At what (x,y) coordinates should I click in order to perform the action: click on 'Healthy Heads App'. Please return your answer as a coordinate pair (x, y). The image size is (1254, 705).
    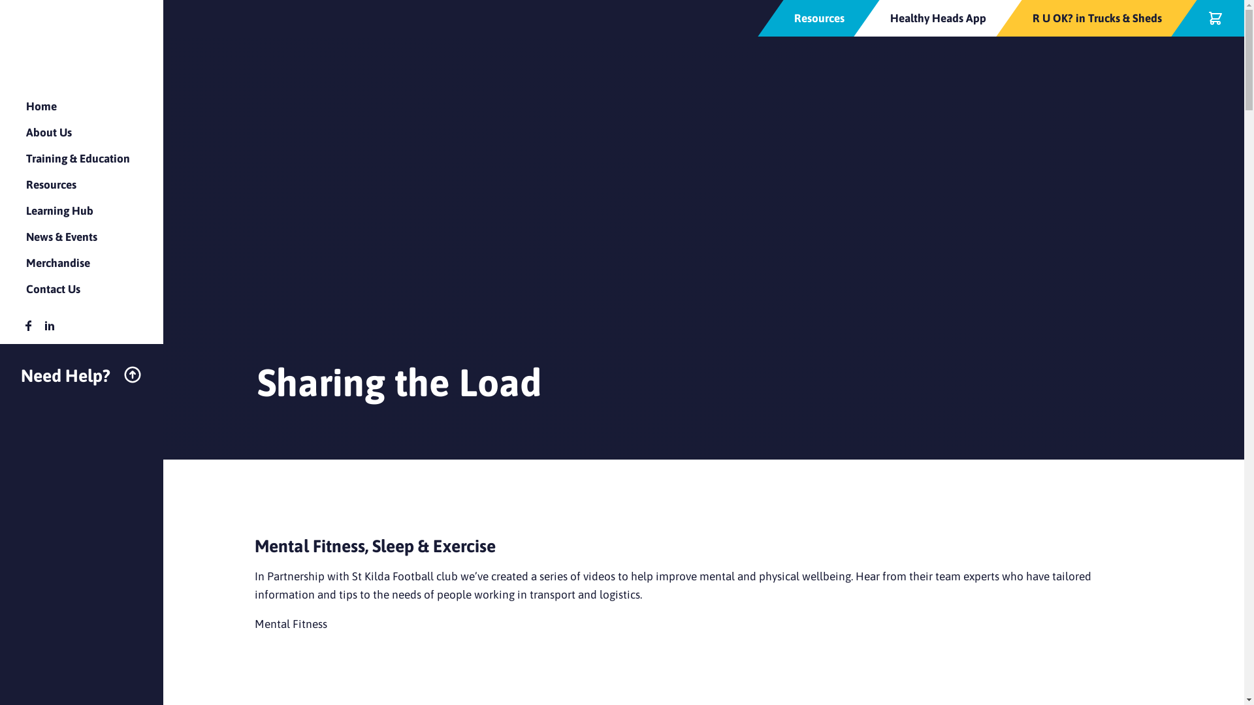
    Looking at the image, I should click on (937, 18).